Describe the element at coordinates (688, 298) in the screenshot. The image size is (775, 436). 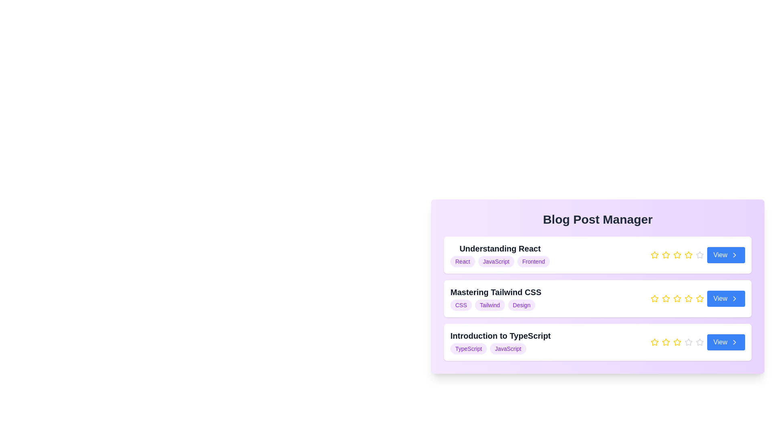
I see `the fourth yellow five-pointed star icon with a hollow center in the 'Mastering Tailwind CSS' rating section` at that location.